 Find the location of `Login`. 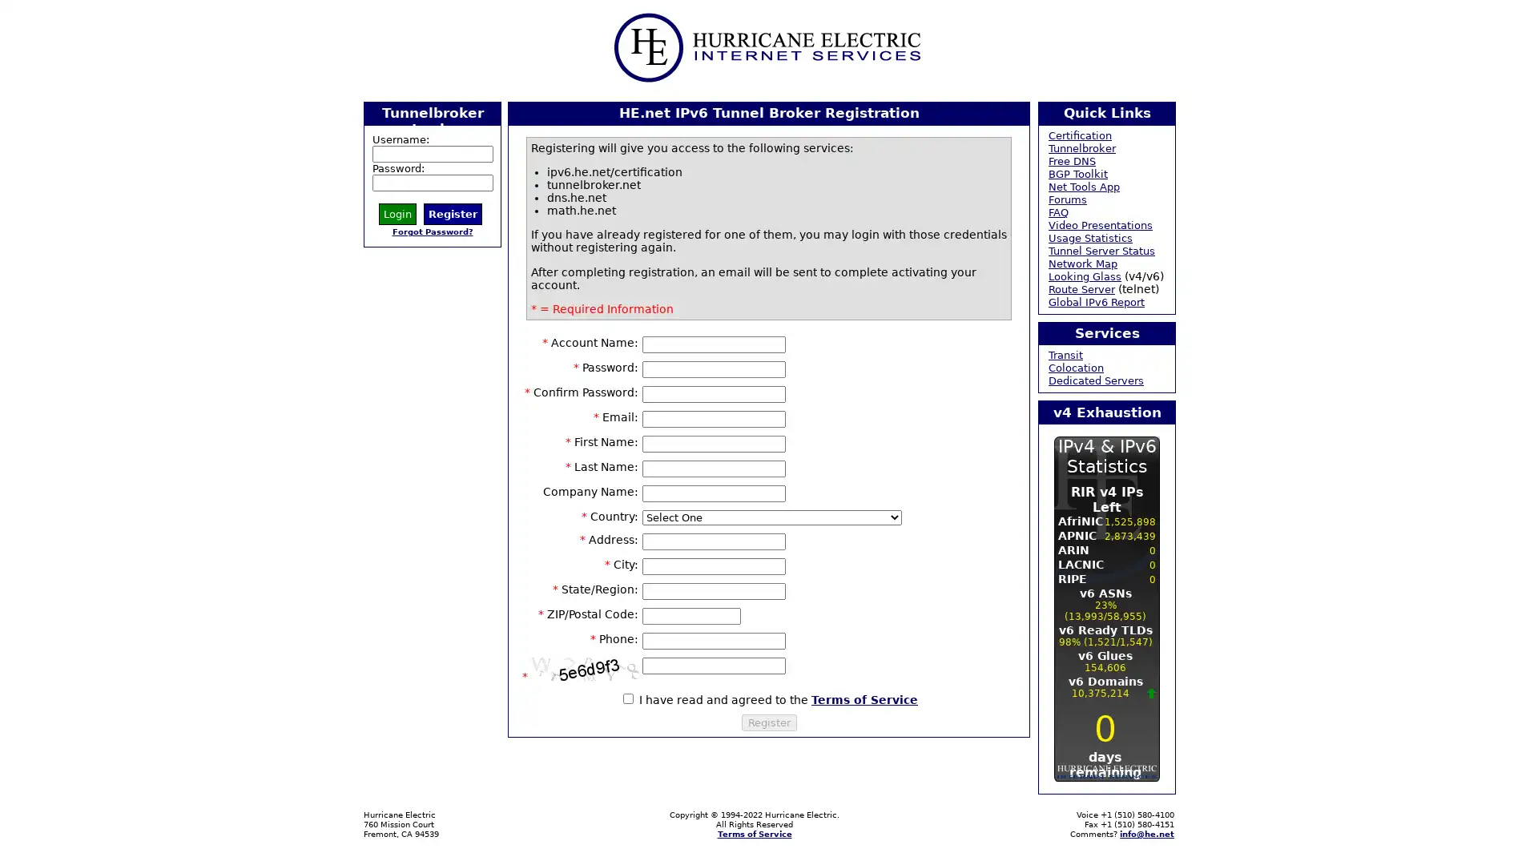

Login is located at coordinates (397, 212).